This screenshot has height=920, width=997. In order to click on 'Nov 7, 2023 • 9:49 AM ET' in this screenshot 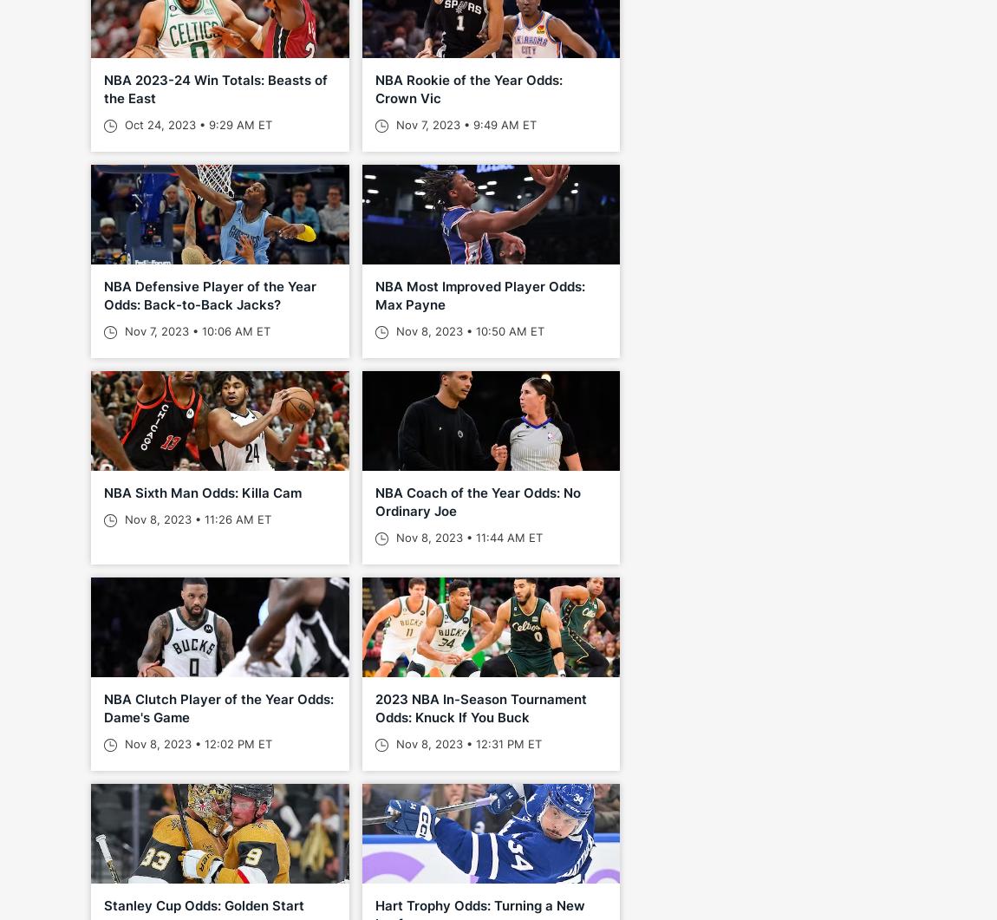, I will do `click(463, 124)`.